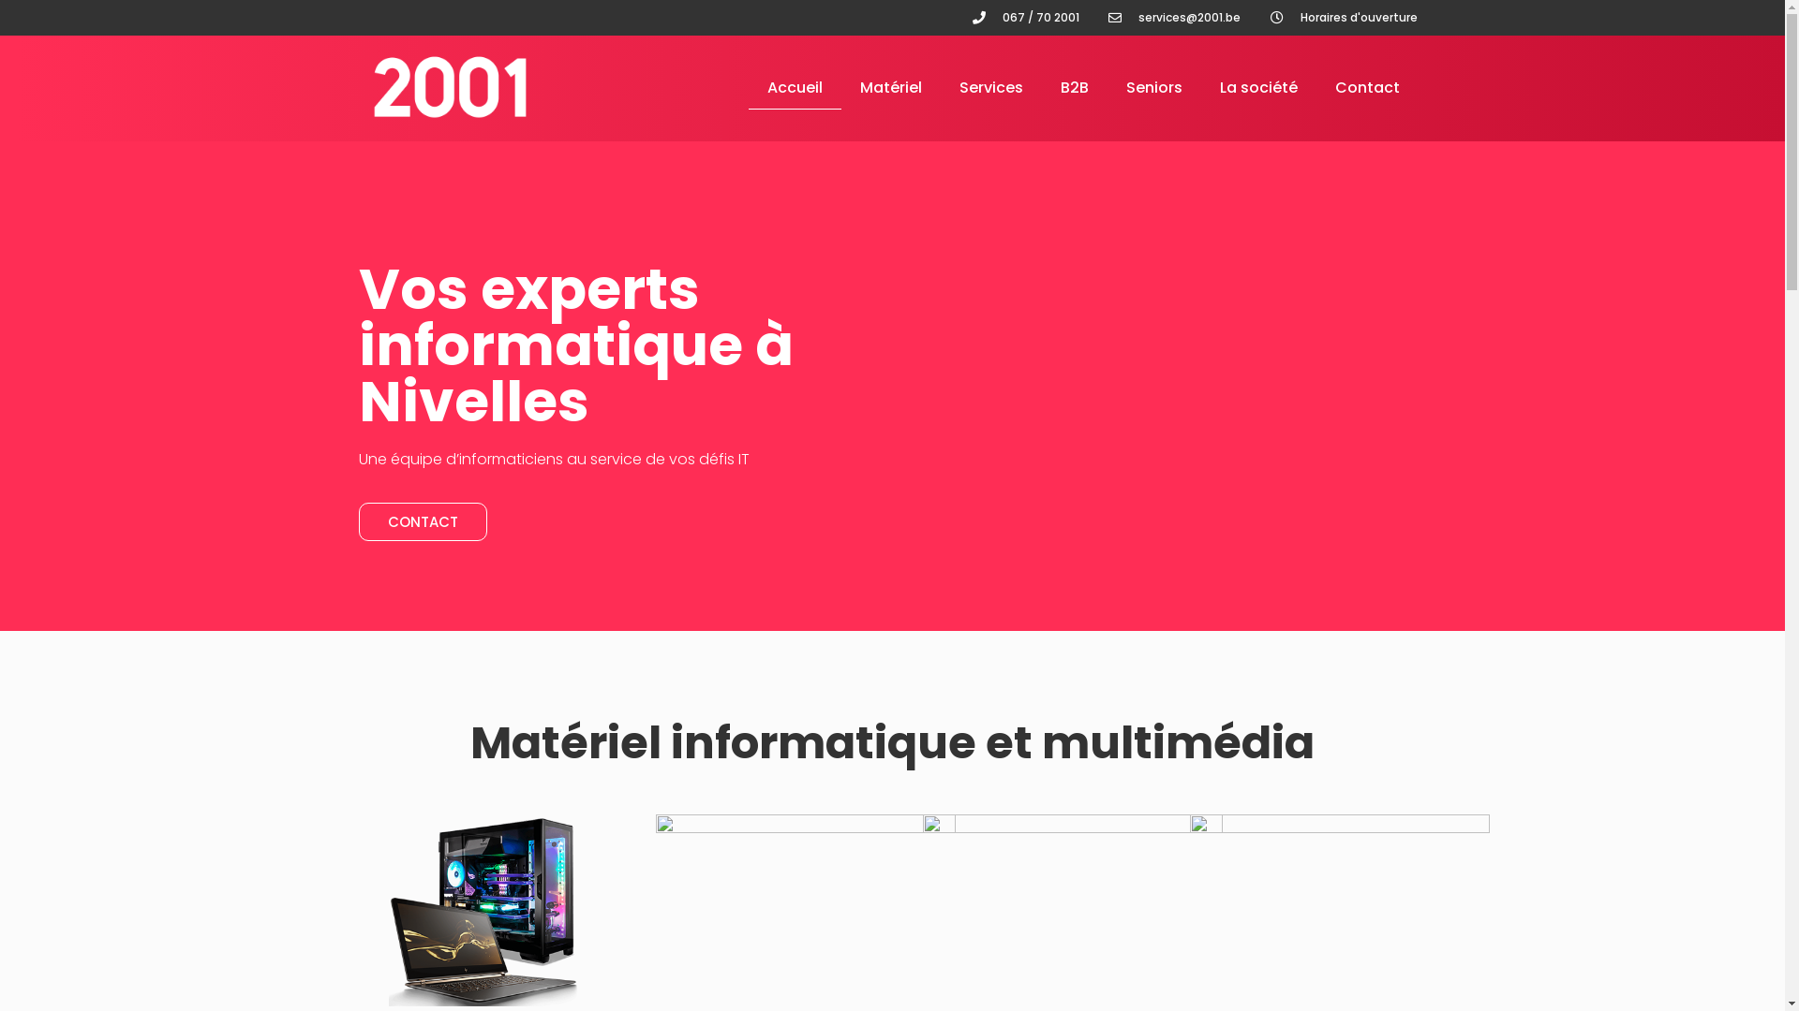  I want to click on 'Accueil', so click(795, 87).